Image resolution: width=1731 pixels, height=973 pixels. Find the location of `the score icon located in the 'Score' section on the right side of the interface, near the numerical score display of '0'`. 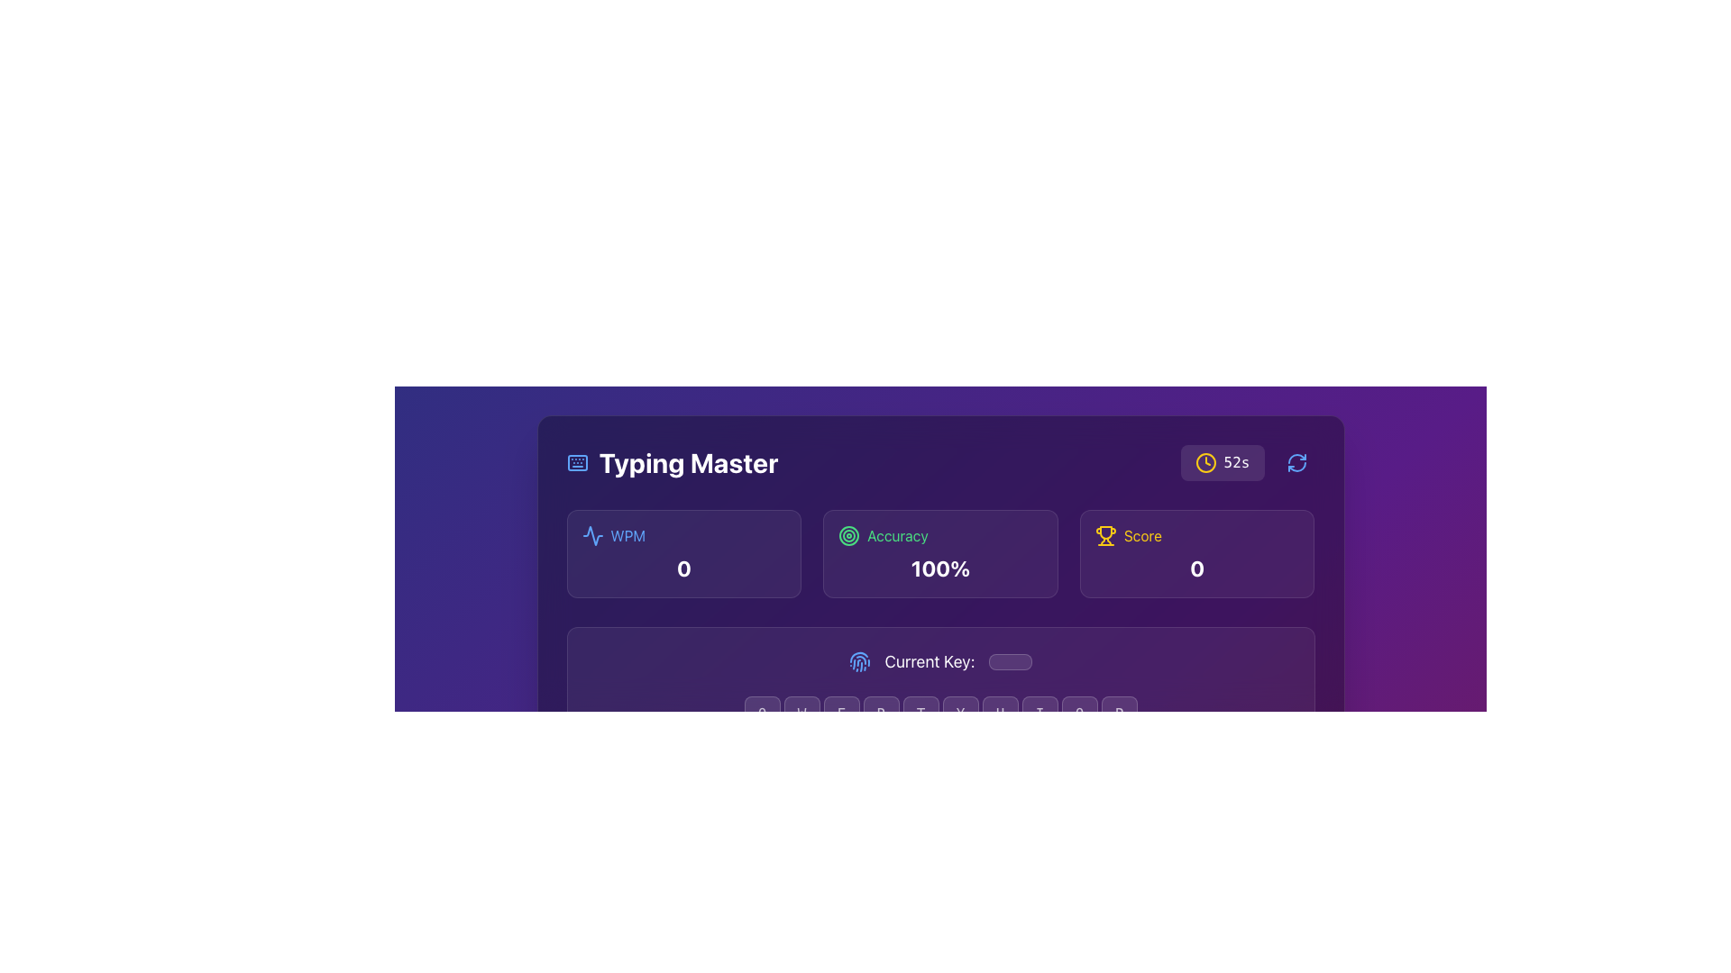

the score icon located in the 'Score' section on the right side of the interface, near the numerical score display of '0' is located at coordinates (1104, 532).